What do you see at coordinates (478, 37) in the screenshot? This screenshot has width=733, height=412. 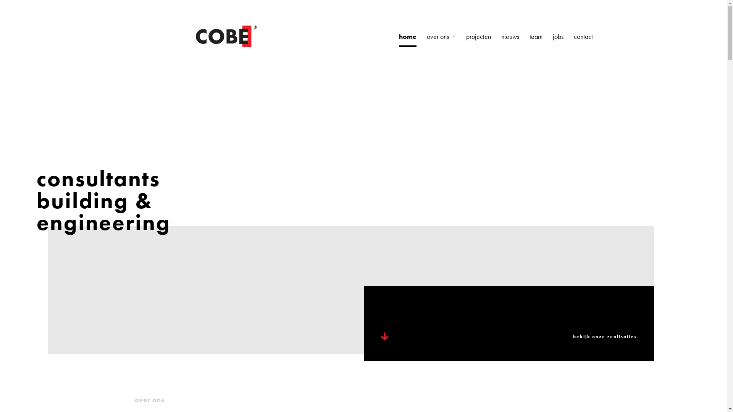 I see `'projecten'` at bounding box center [478, 37].